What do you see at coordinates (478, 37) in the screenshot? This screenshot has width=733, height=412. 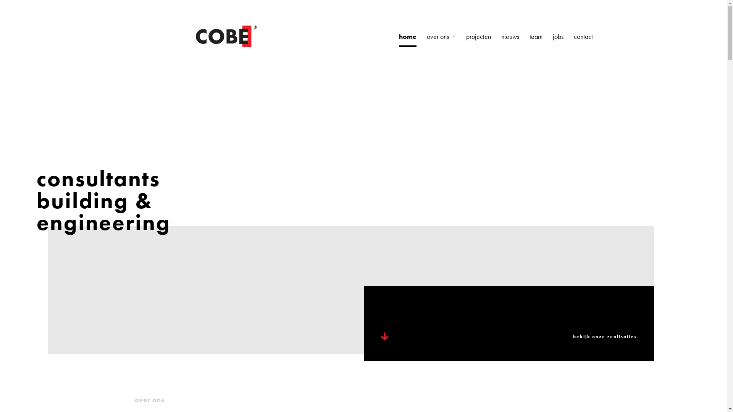 I see `'projecten'` at bounding box center [478, 37].